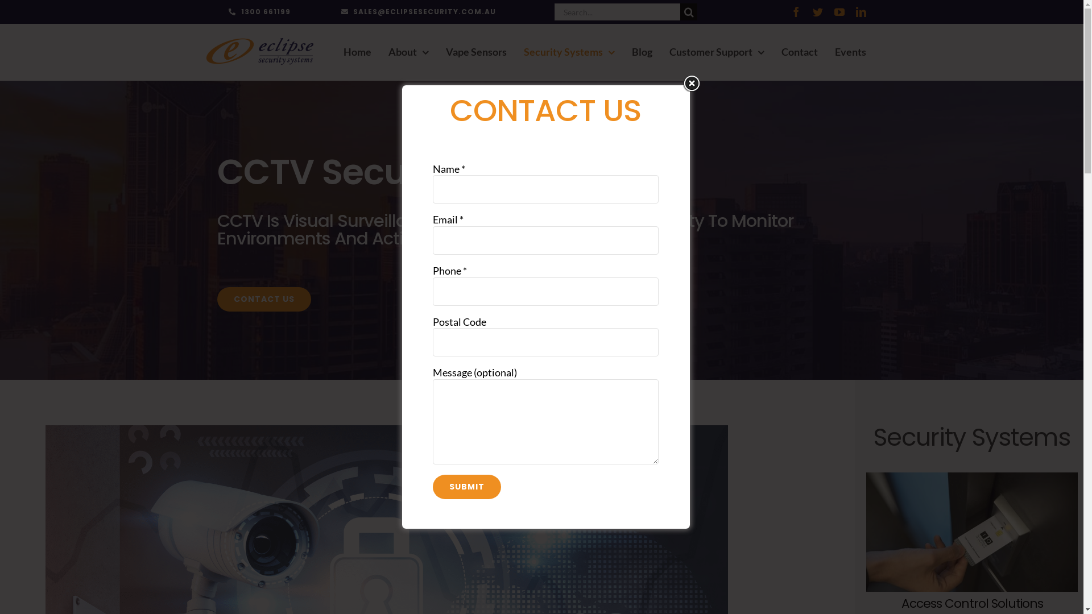 Image resolution: width=1092 pixels, height=614 pixels. Describe the element at coordinates (835, 52) in the screenshot. I see `'Events'` at that location.